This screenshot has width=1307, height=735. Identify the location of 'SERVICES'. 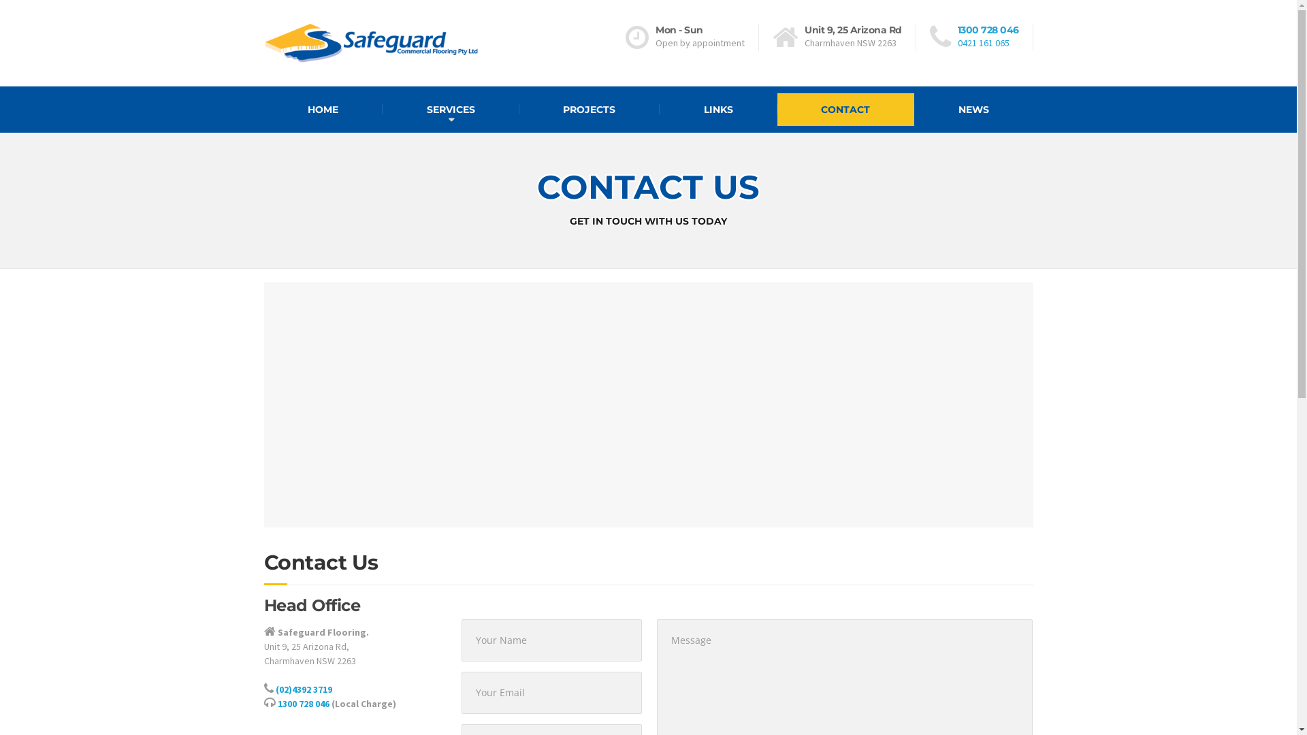
(451, 109).